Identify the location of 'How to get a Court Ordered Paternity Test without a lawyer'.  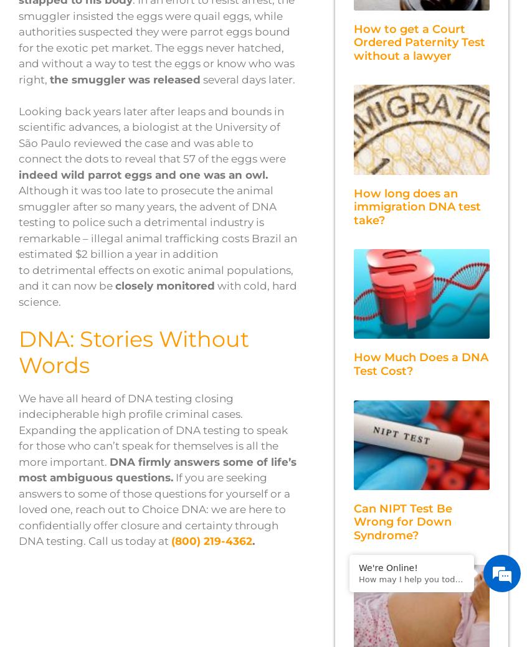
(419, 41).